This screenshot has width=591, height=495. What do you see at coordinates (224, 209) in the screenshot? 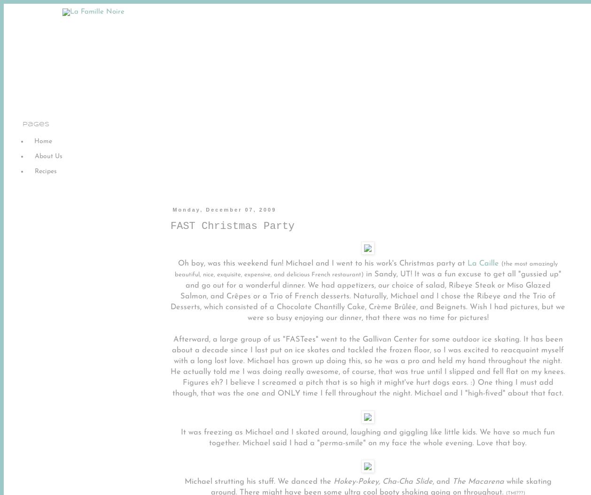
I see `'Monday, December 07, 2009'` at bounding box center [224, 209].